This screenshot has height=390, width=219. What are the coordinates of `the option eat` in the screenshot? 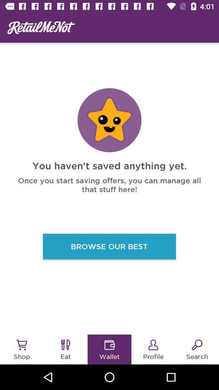 It's located at (65, 344).